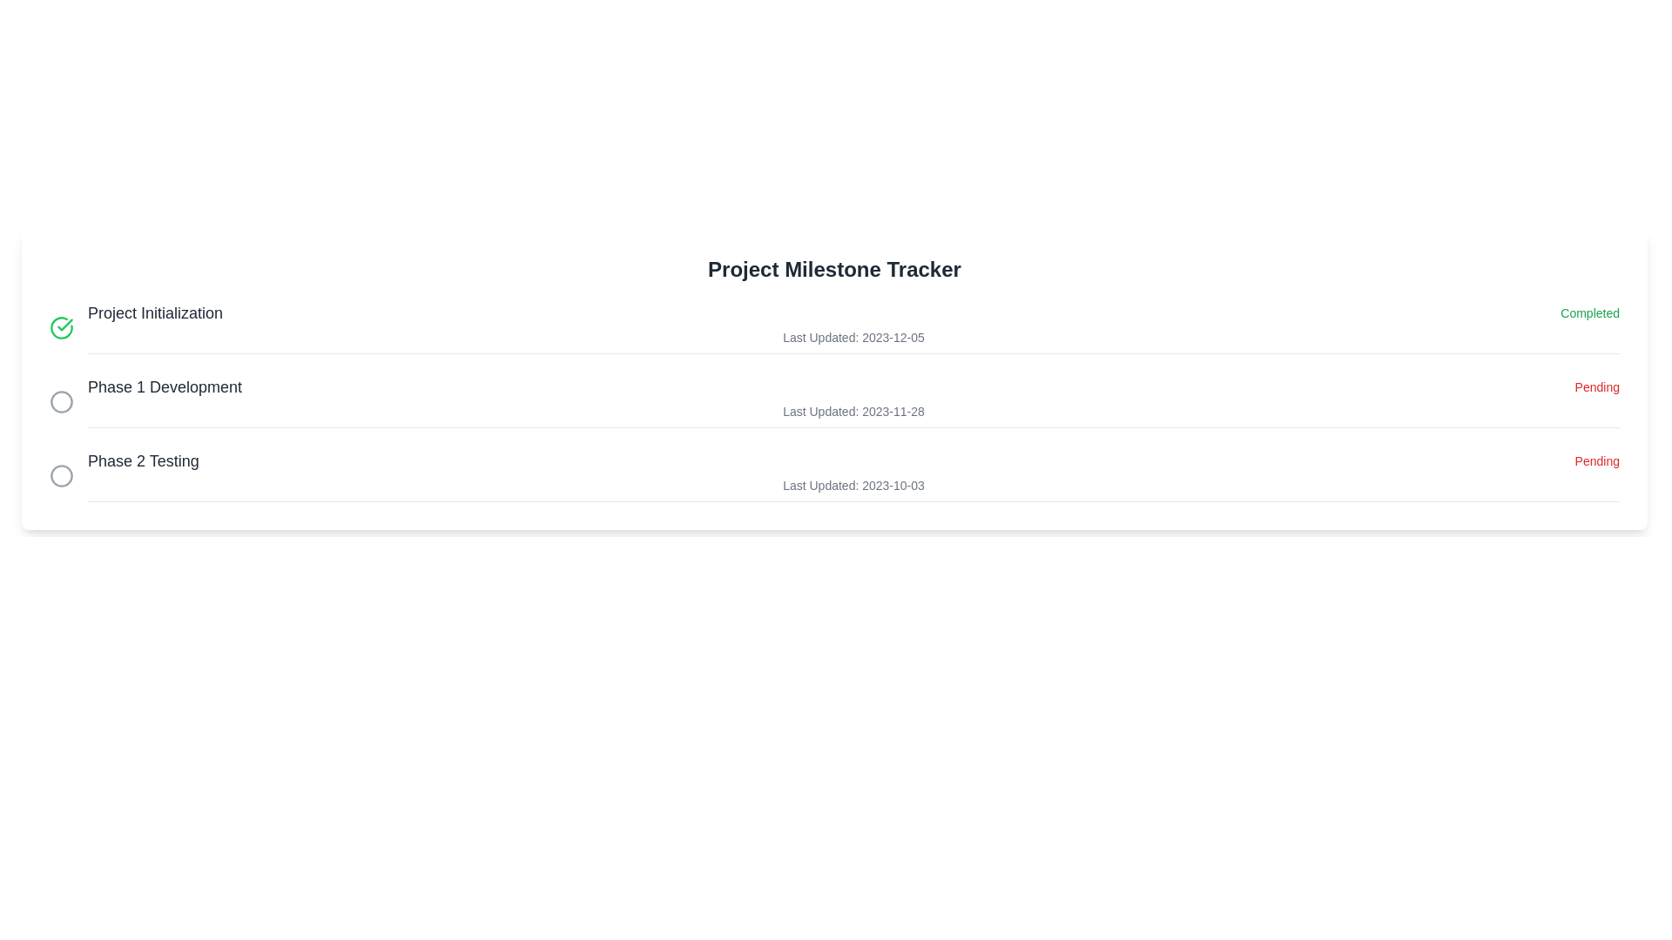 The width and height of the screenshot is (1672, 940). Describe the element at coordinates (1597, 460) in the screenshot. I see `the text label displaying 'Pending' in red color, which indicates the status of the item in the 'Phase 2 Testing' row` at that location.